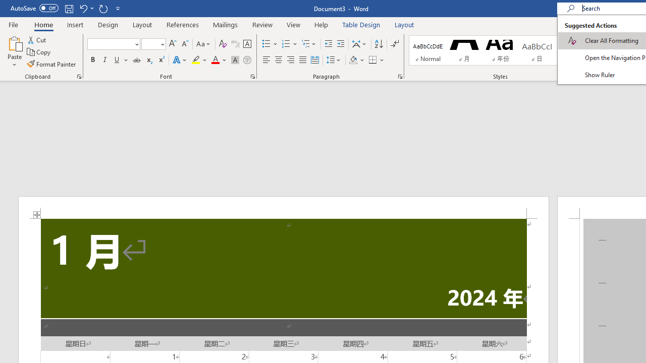  Describe the element at coordinates (66, 8) in the screenshot. I see `'Quick Access Toolbar'` at that location.